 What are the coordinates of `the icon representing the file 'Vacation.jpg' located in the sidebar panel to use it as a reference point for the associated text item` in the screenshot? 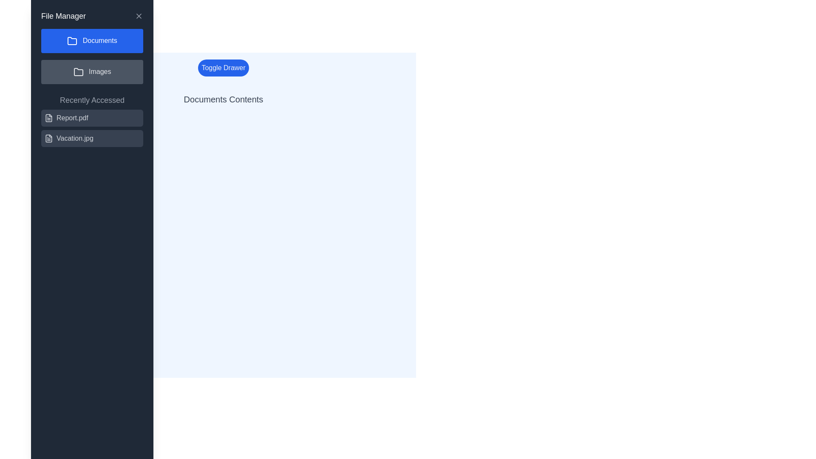 It's located at (48, 137).